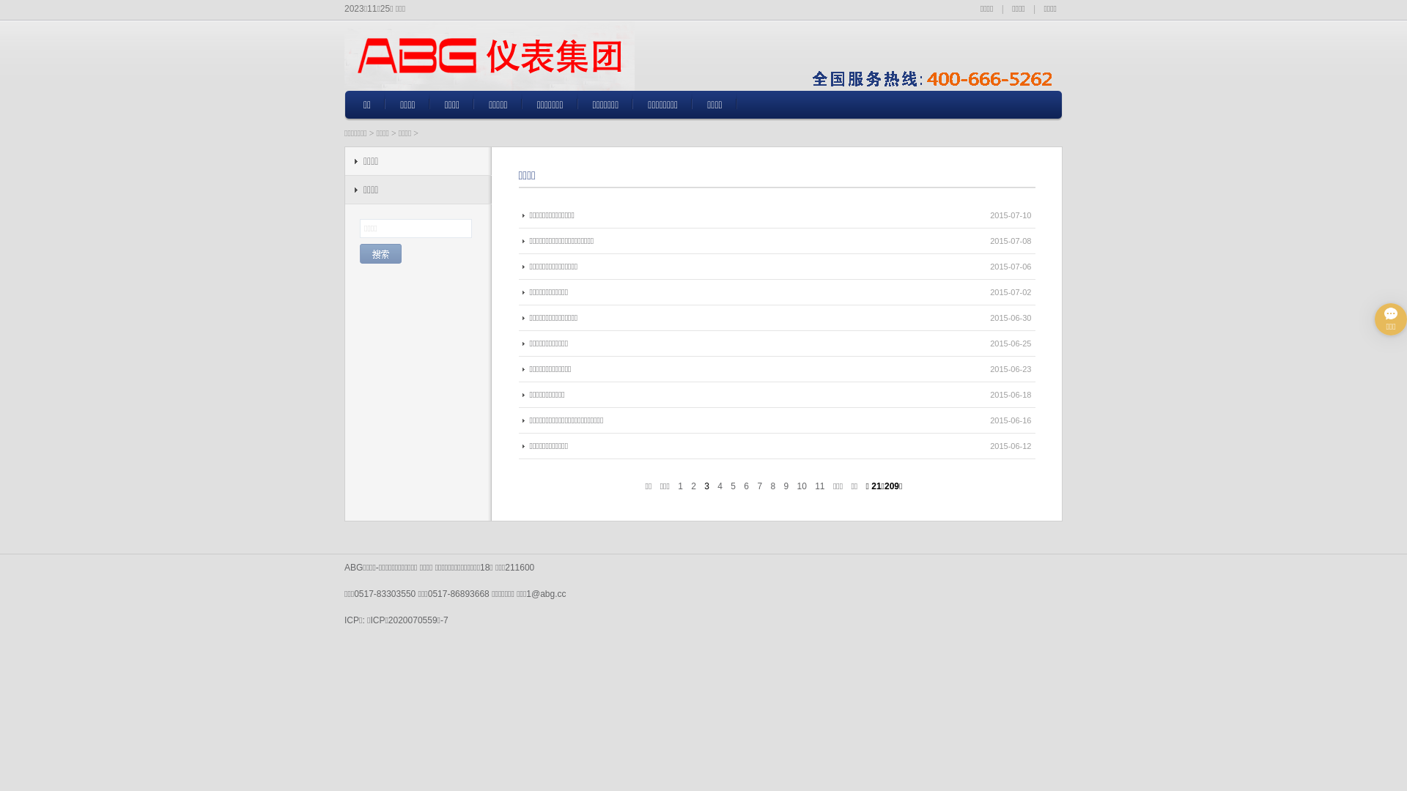 This screenshot has height=791, width=1407. What do you see at coordinates (819, 486) in the screenshot?
I see `'11'` at bounding box center [819, 486].